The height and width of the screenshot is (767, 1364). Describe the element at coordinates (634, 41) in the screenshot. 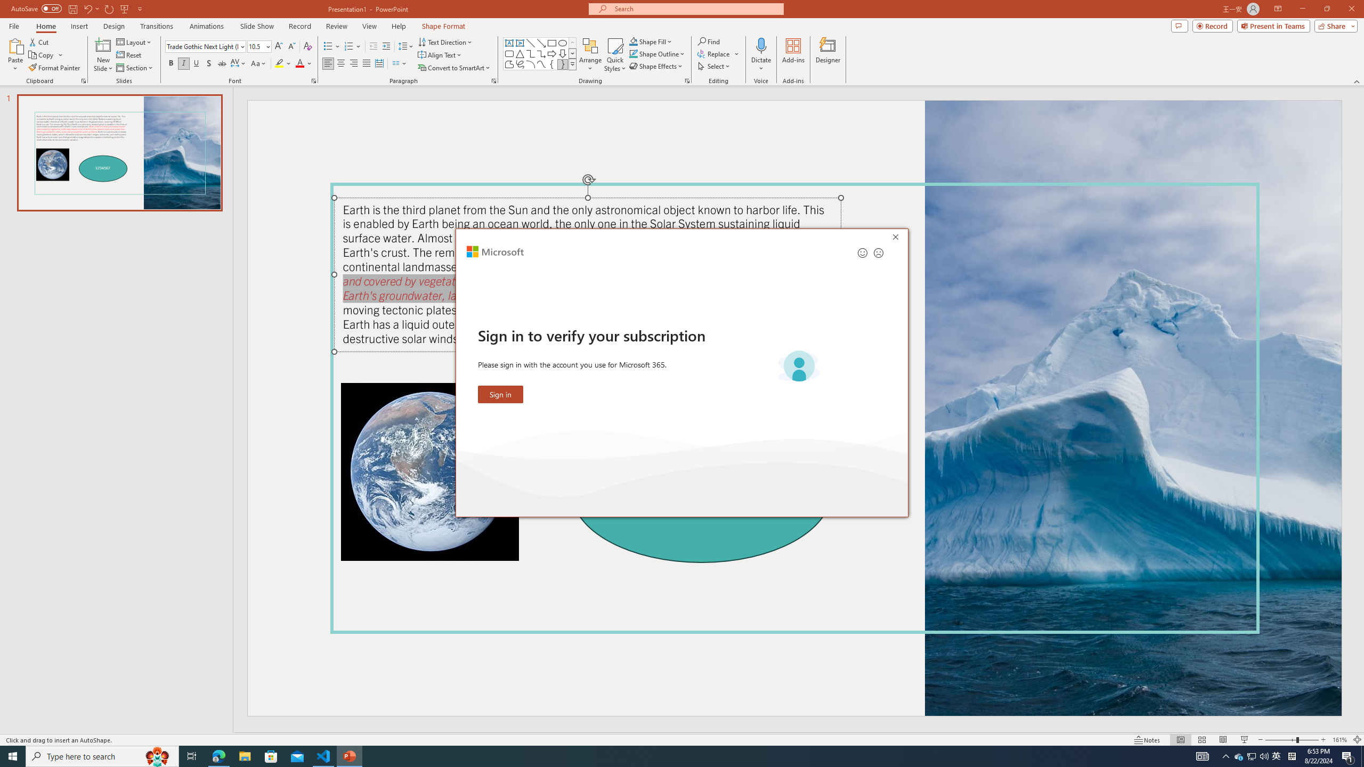

I see `'Shape Fill Aqua, Accent 2'` at that location.